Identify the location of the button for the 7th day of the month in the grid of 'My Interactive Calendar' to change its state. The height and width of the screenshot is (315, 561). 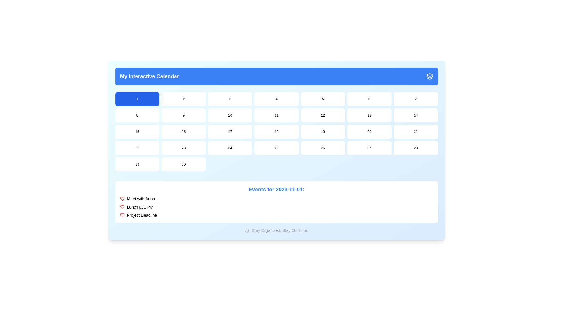
(415, 99).